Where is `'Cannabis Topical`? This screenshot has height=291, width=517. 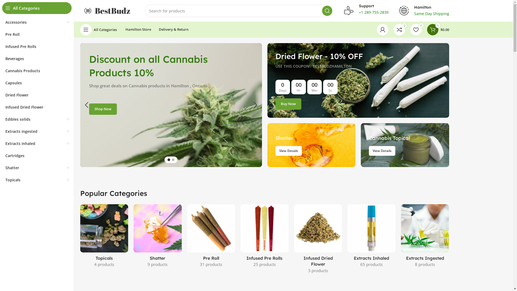
'Cannabis Topical is located at coordinates (405, 145).